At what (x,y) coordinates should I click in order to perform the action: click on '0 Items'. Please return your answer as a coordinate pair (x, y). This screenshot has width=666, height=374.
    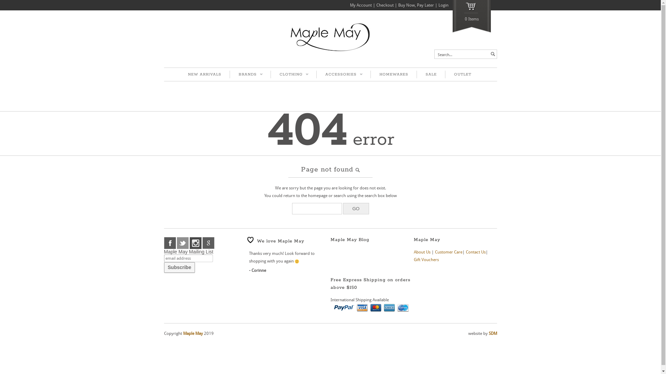
    Looking at the image, I should click on (471, 16).